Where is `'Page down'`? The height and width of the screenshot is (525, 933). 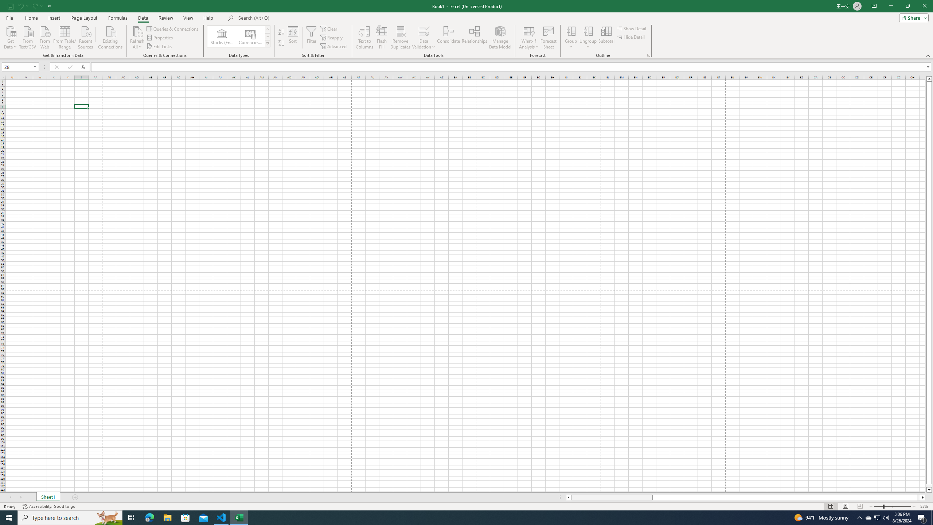 'Page down' is located at coordinates (929, 486).